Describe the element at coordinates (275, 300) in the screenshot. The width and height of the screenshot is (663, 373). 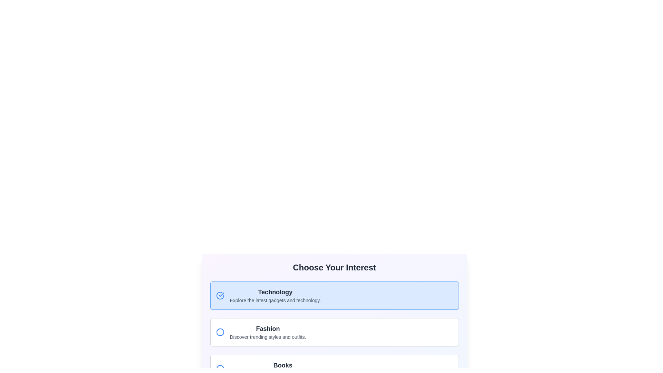
I see `the Text label positioned beneath the 'Technology' section, which provides additional details about that section` at that location.